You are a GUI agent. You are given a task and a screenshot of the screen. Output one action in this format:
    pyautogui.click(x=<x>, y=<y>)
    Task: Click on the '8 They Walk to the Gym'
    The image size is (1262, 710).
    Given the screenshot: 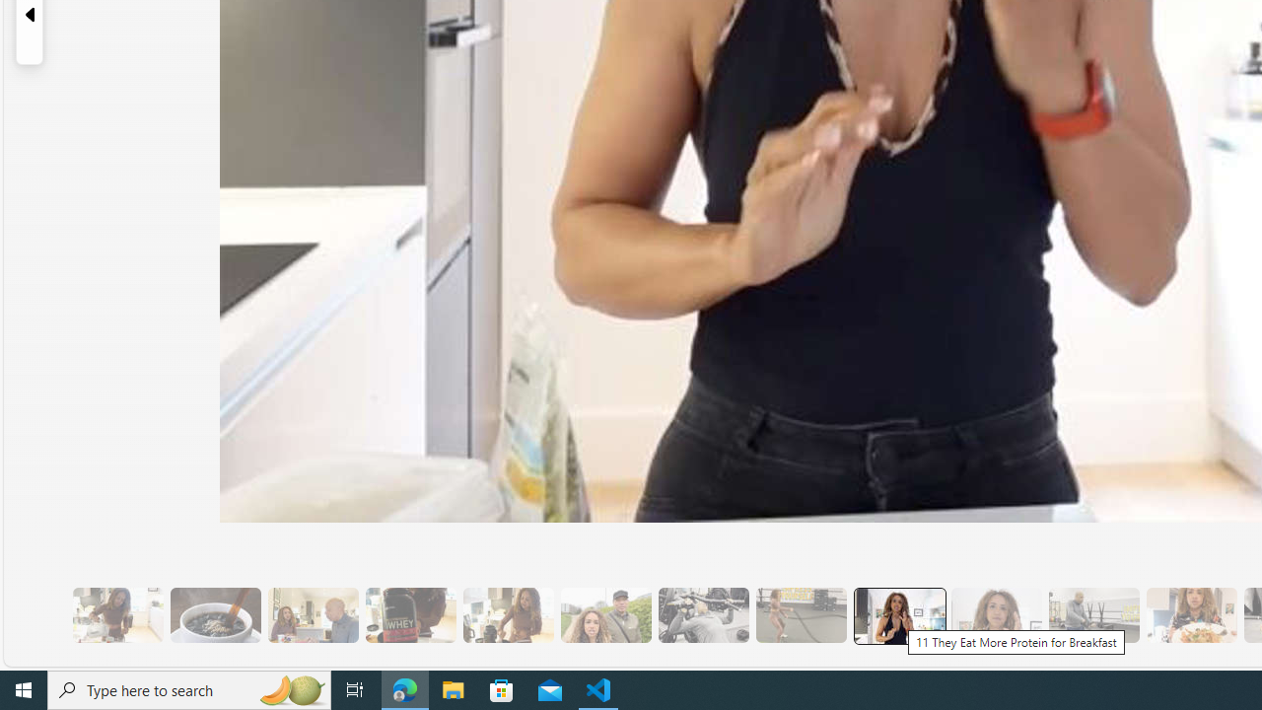 What is the action you would take?
    pyautogui.click(x=604, y=614)
    